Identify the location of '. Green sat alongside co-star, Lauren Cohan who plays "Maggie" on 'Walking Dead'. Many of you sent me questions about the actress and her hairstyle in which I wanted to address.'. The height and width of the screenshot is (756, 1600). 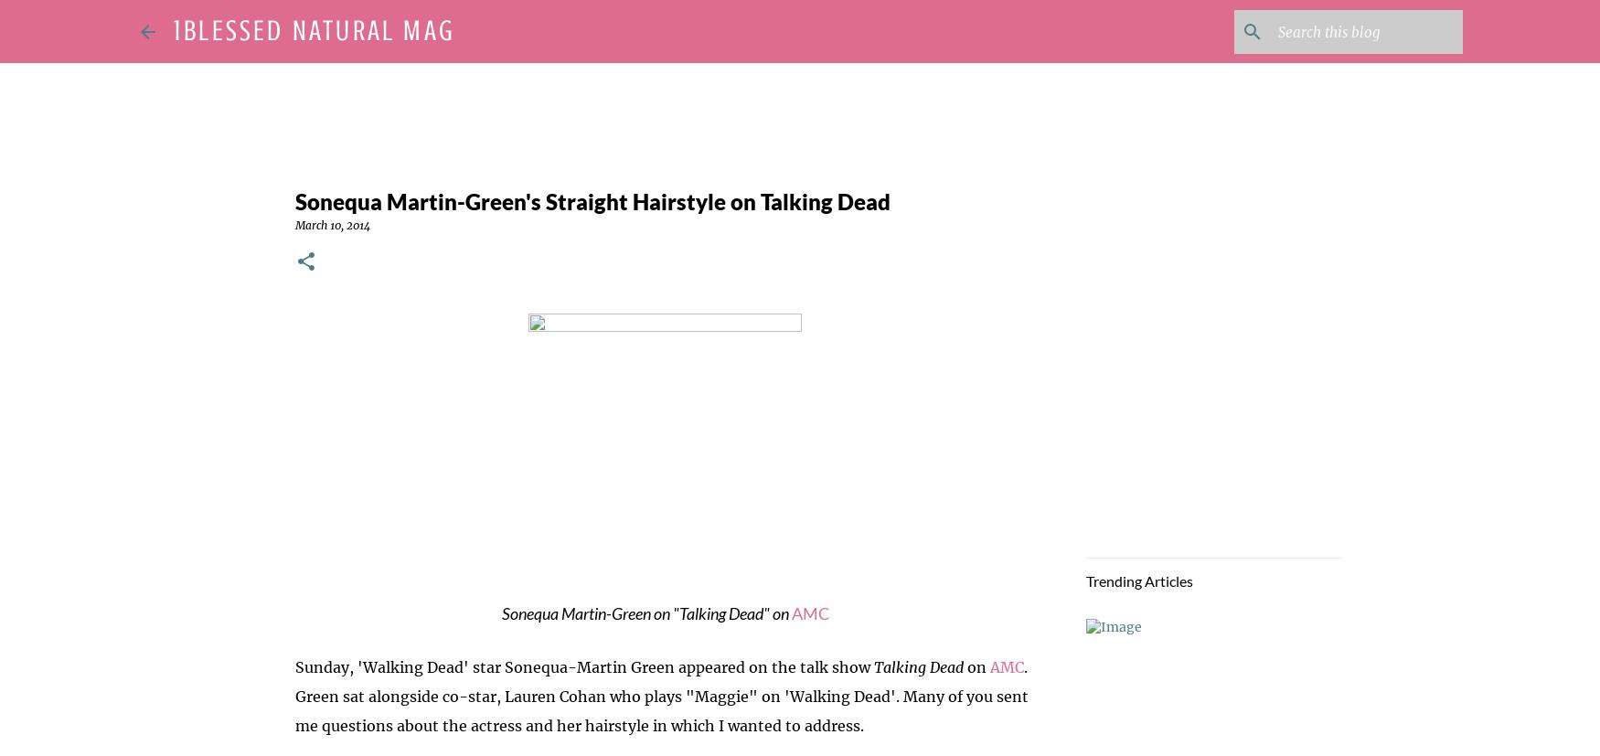
(660, 695).